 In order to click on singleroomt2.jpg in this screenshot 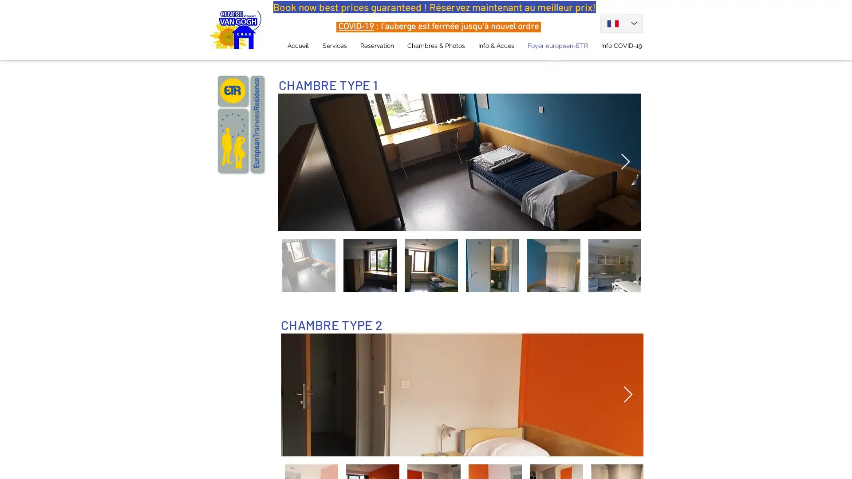, I will do `click(461, 394)`.